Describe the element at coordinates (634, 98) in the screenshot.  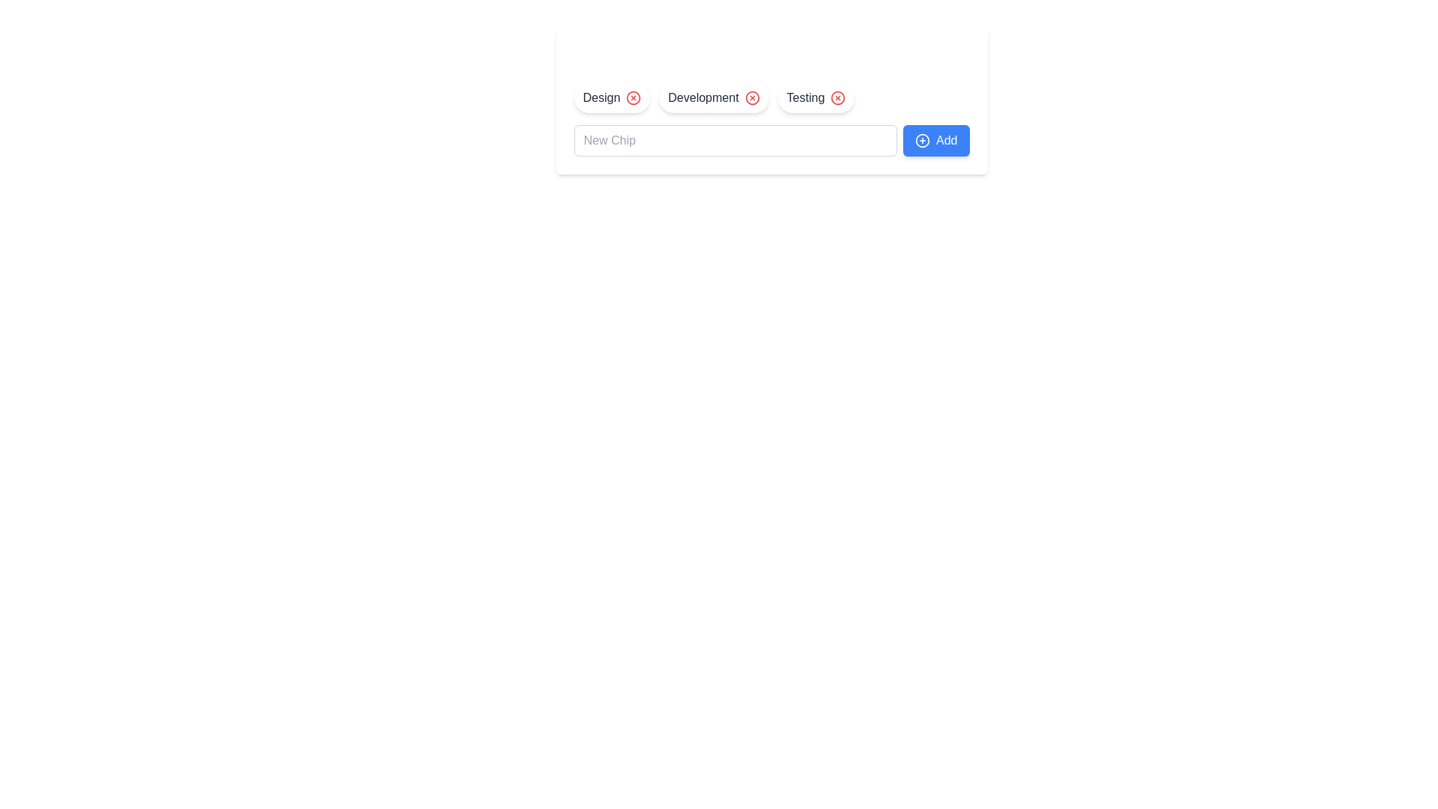
I see `the chip labeled Design by clicking its delete icon` at that location.